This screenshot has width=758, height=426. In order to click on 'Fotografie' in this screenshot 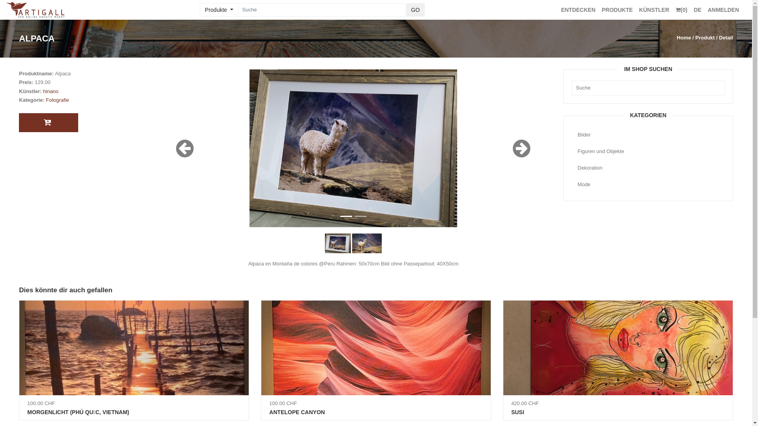, I will do `click(57, 99)`.